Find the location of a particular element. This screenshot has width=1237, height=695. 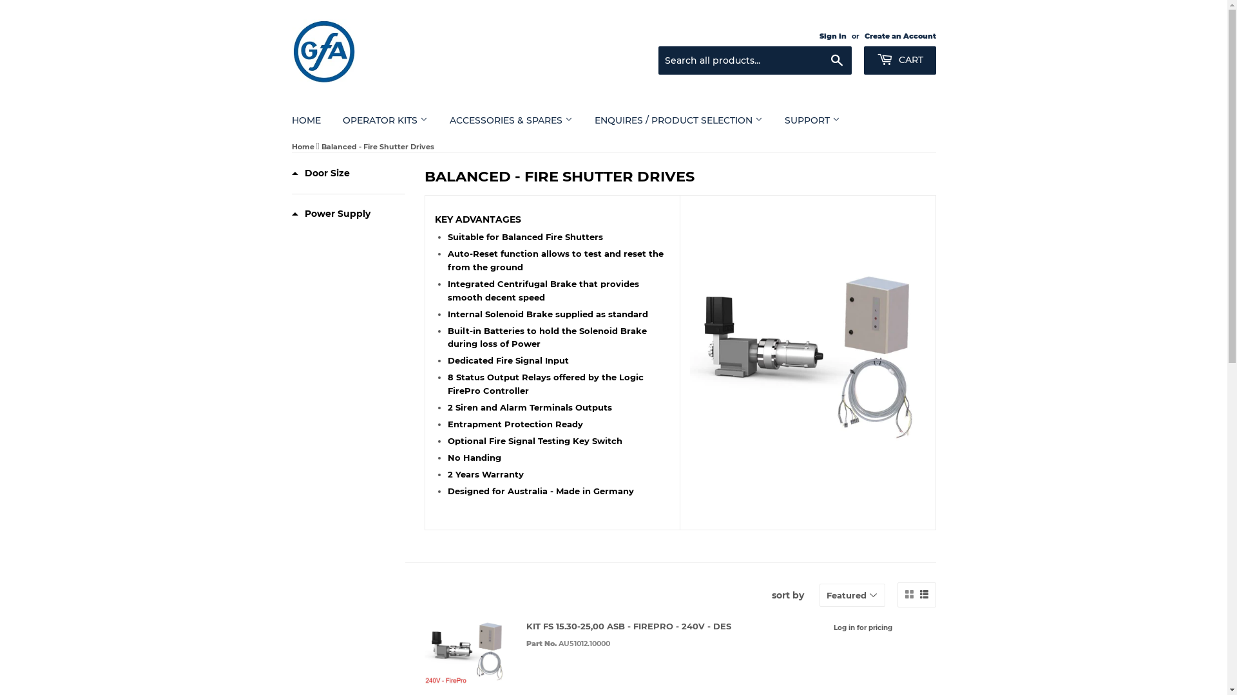

'Create an Account' is located at coordinates (899, 35).